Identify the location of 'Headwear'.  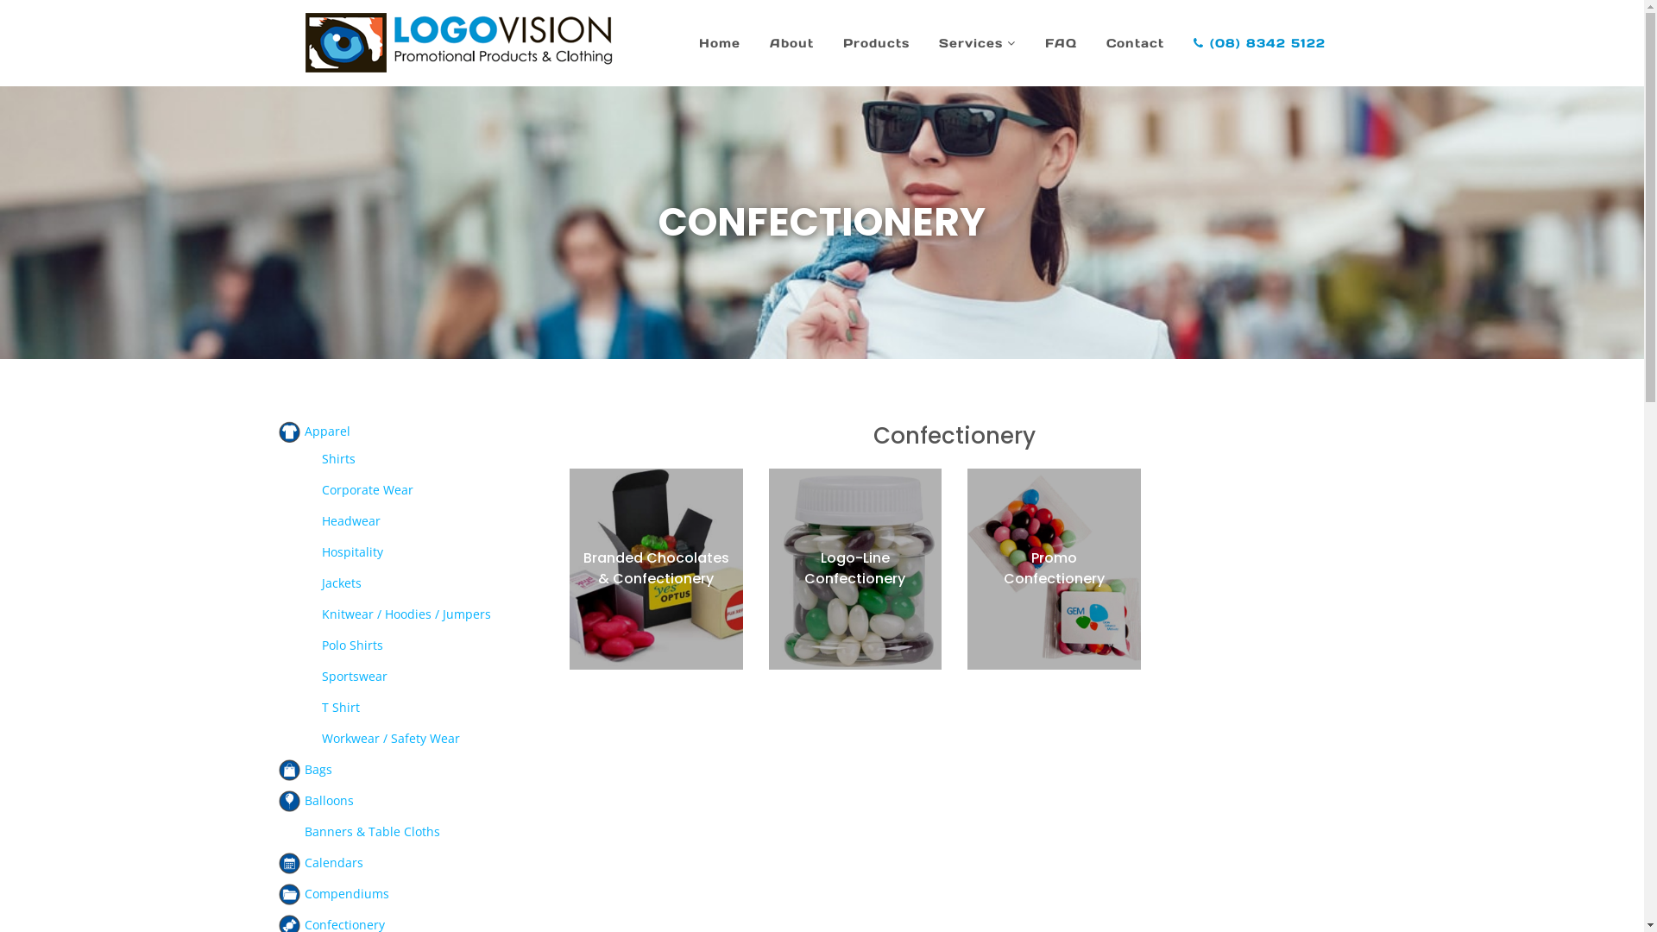
(350, 520).